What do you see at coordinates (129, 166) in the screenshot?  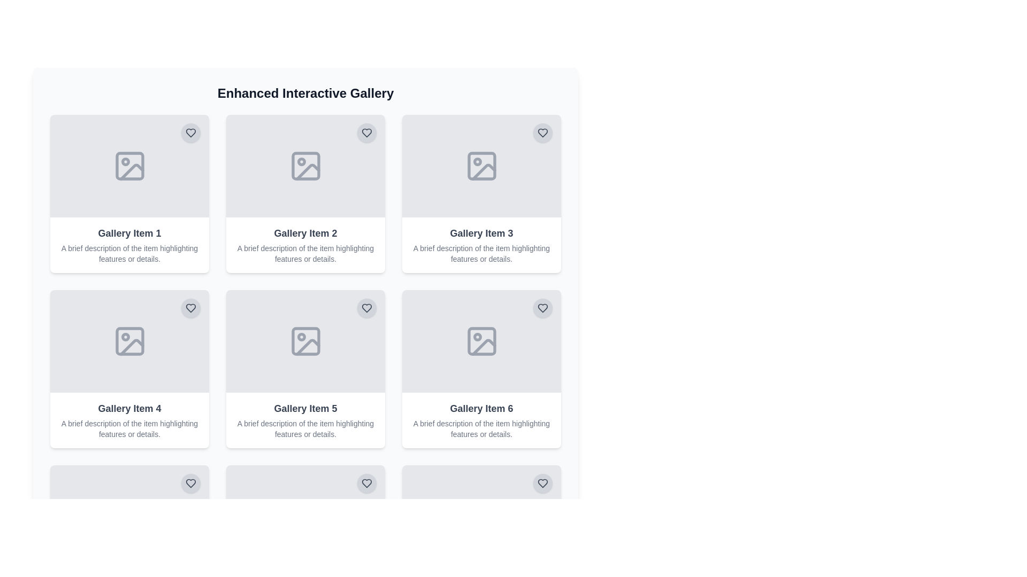 I see `the image placeholder in the card component titled 'Gallery Item 1', which is located in the first column of the first row of the grid layout` at bounding box center [129, 166].